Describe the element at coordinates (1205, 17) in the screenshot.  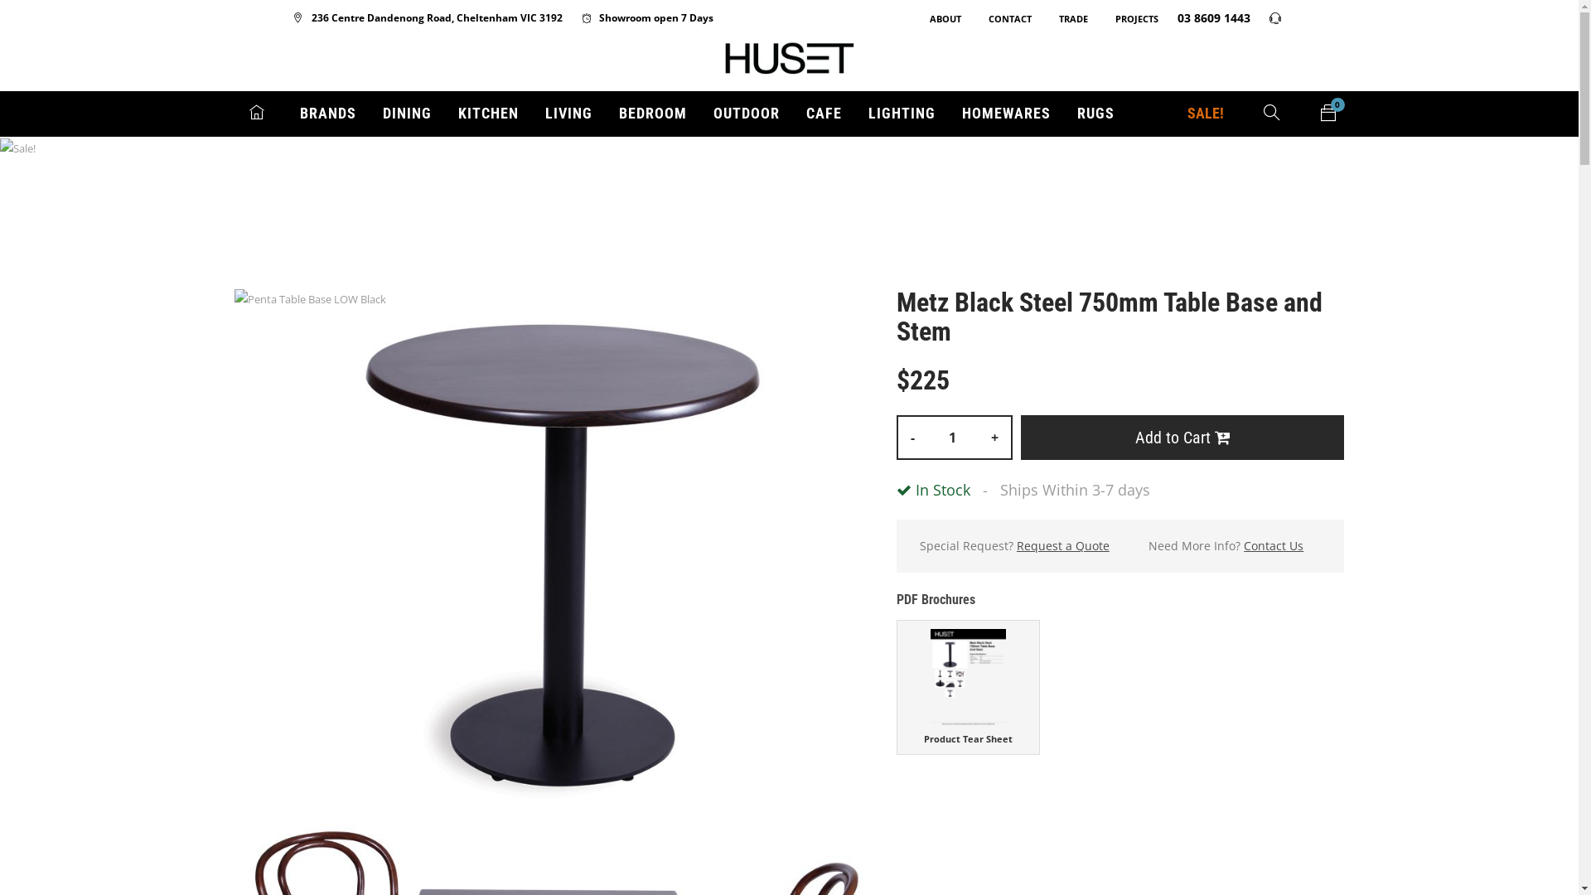
I see `'03 8609 1443'` at that location.